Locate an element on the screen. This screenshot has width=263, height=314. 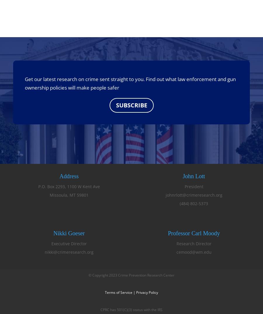
'cemood@wm.edu' is located at coordinates (194, 251).